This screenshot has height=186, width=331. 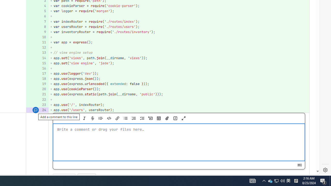 I want to click on '23', so click(x=36, y=105).